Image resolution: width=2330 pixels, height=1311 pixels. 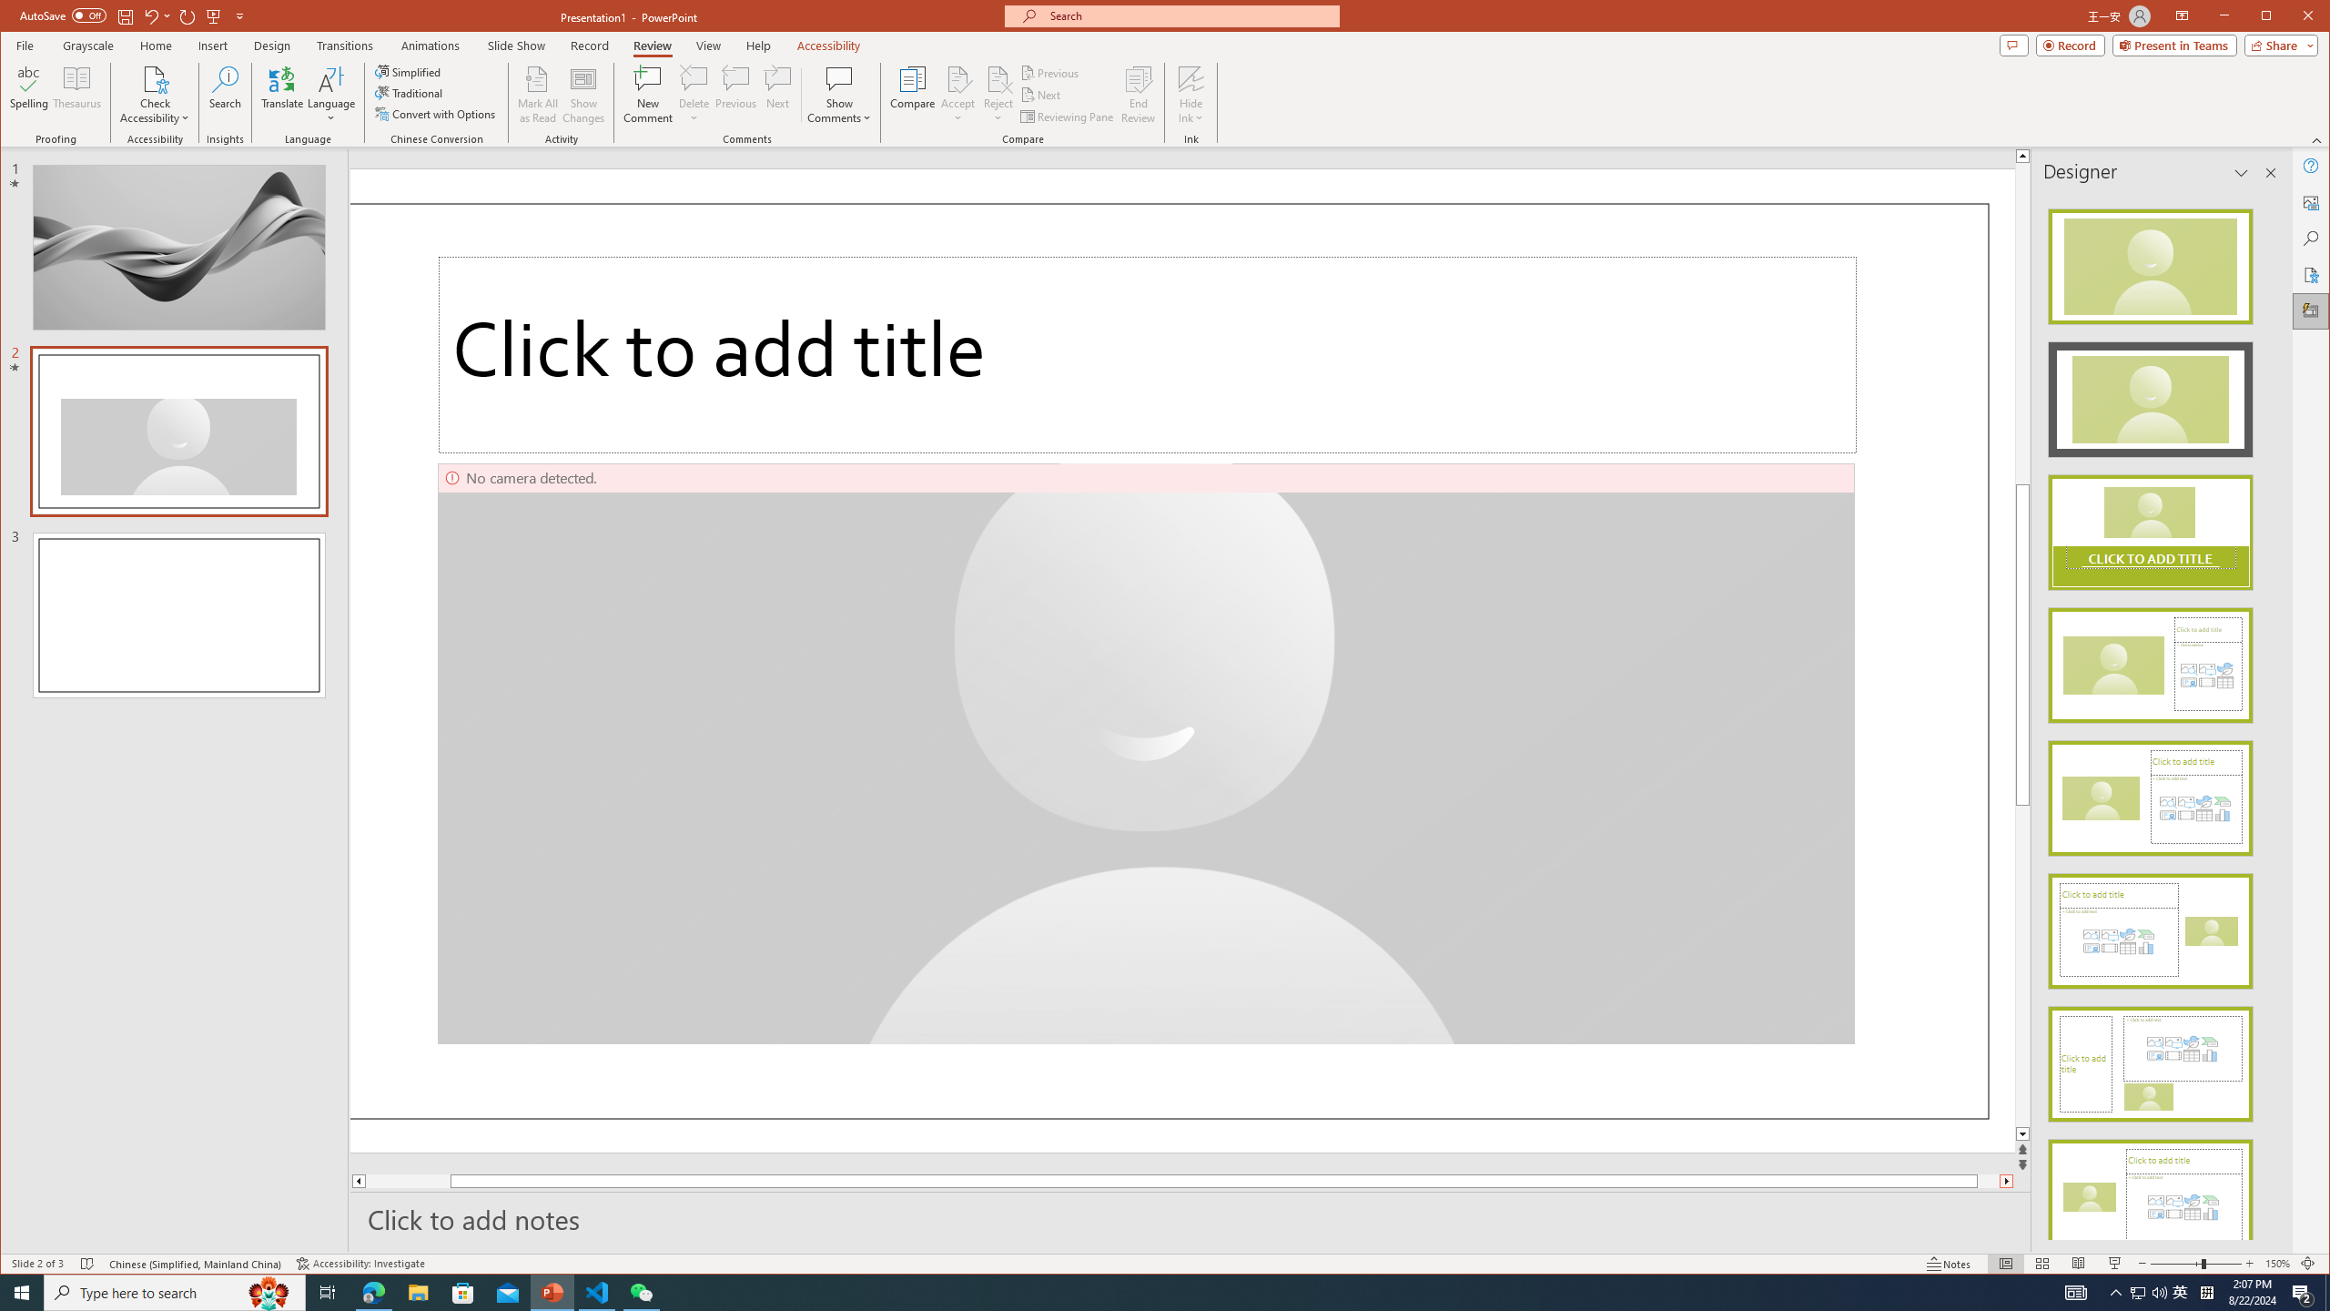 I want to click on 'Grayscale', so click(x=88, y=45).